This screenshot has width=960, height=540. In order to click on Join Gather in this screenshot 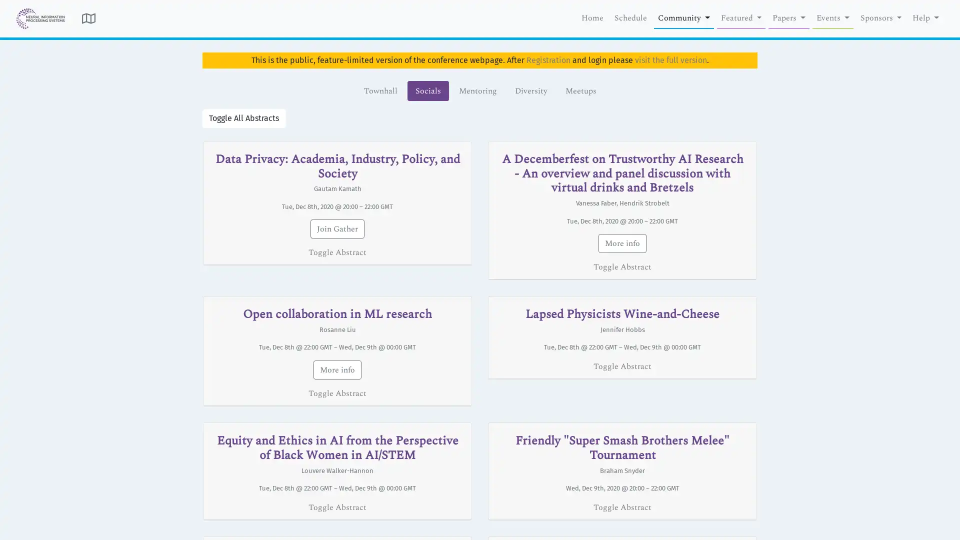, I will do `click(337, 229)`.